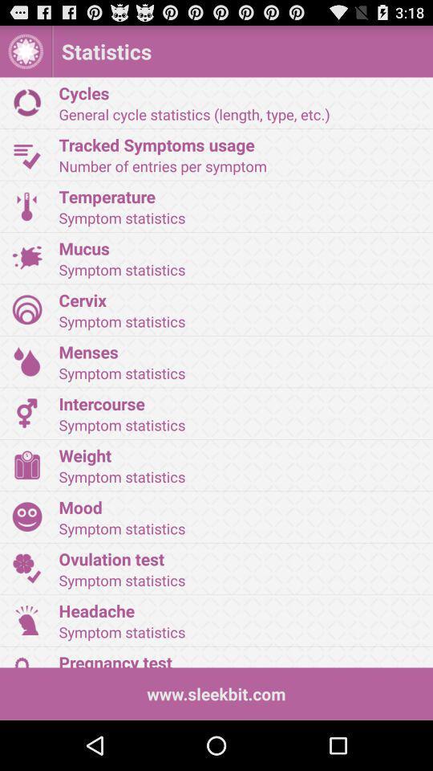 The height and width of the screenshot is (771, 433). I want to click on headache icon, so click(240, 610).